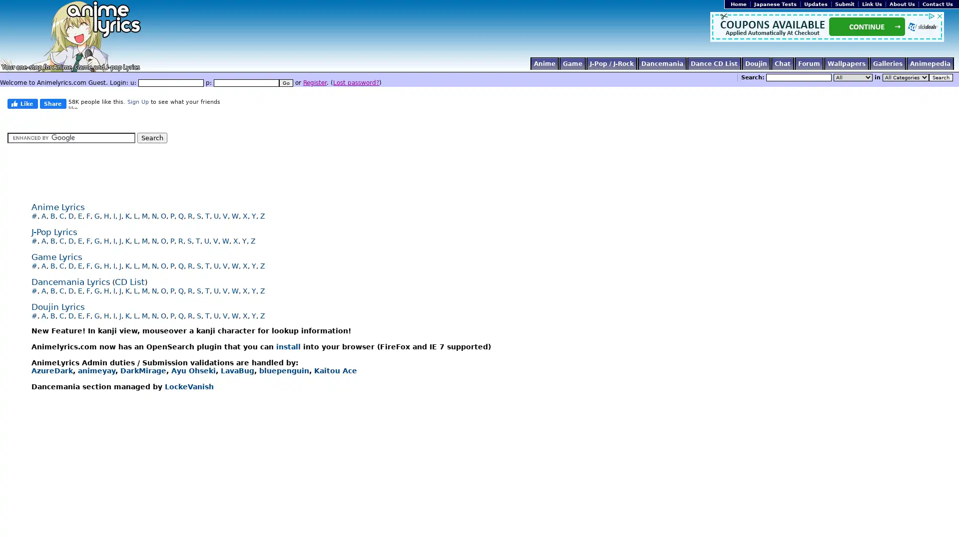 The width and height of the screenshot is (959, 539). I want to click on Go, so click(285, 82).